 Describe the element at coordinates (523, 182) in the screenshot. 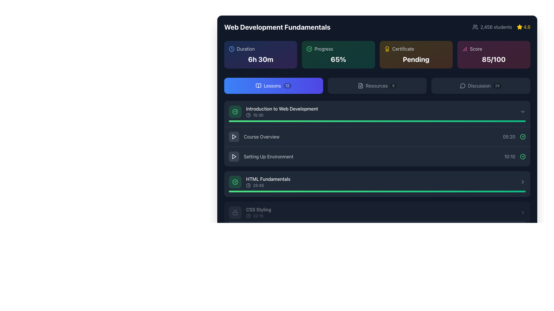

I see `the chevron icon located at the rightmost end of the 'HTML Fundamentals 25:45' section` at that location.